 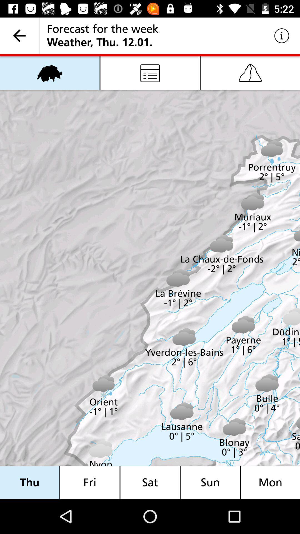 I want to click on the icon above the sun item, so click(x=250, y=73).